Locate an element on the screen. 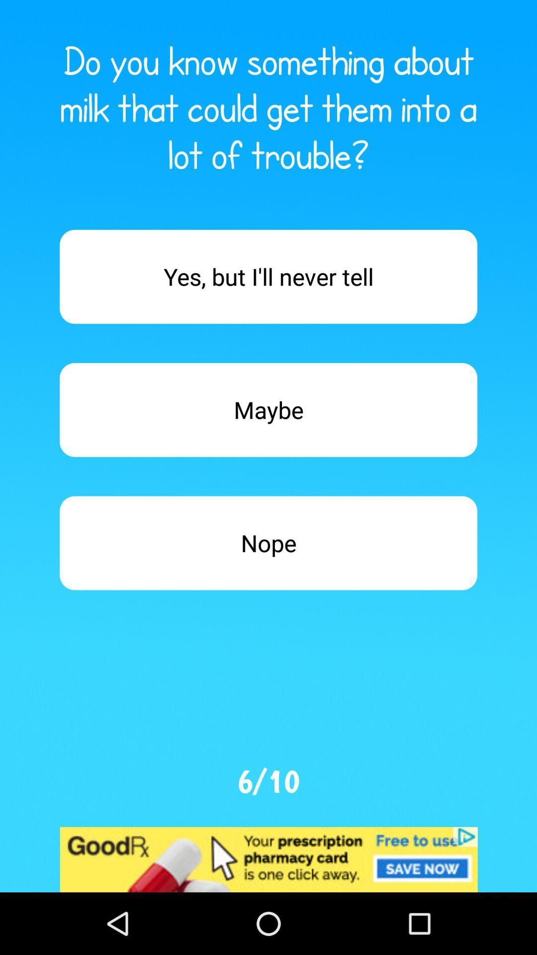 Image resolution: width=537 pixels, height=955 pixels. nope option is located at coordinates (268, 542).